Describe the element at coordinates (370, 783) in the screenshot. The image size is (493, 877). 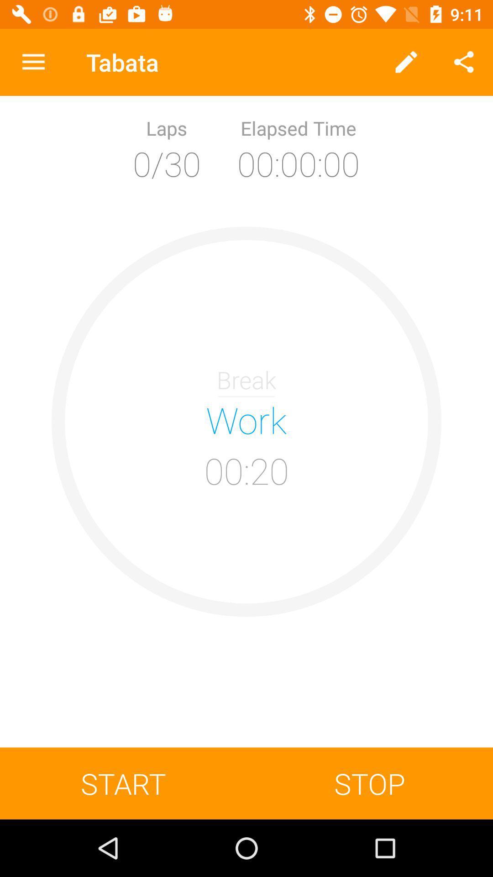
I see `the stop icon` at that location.